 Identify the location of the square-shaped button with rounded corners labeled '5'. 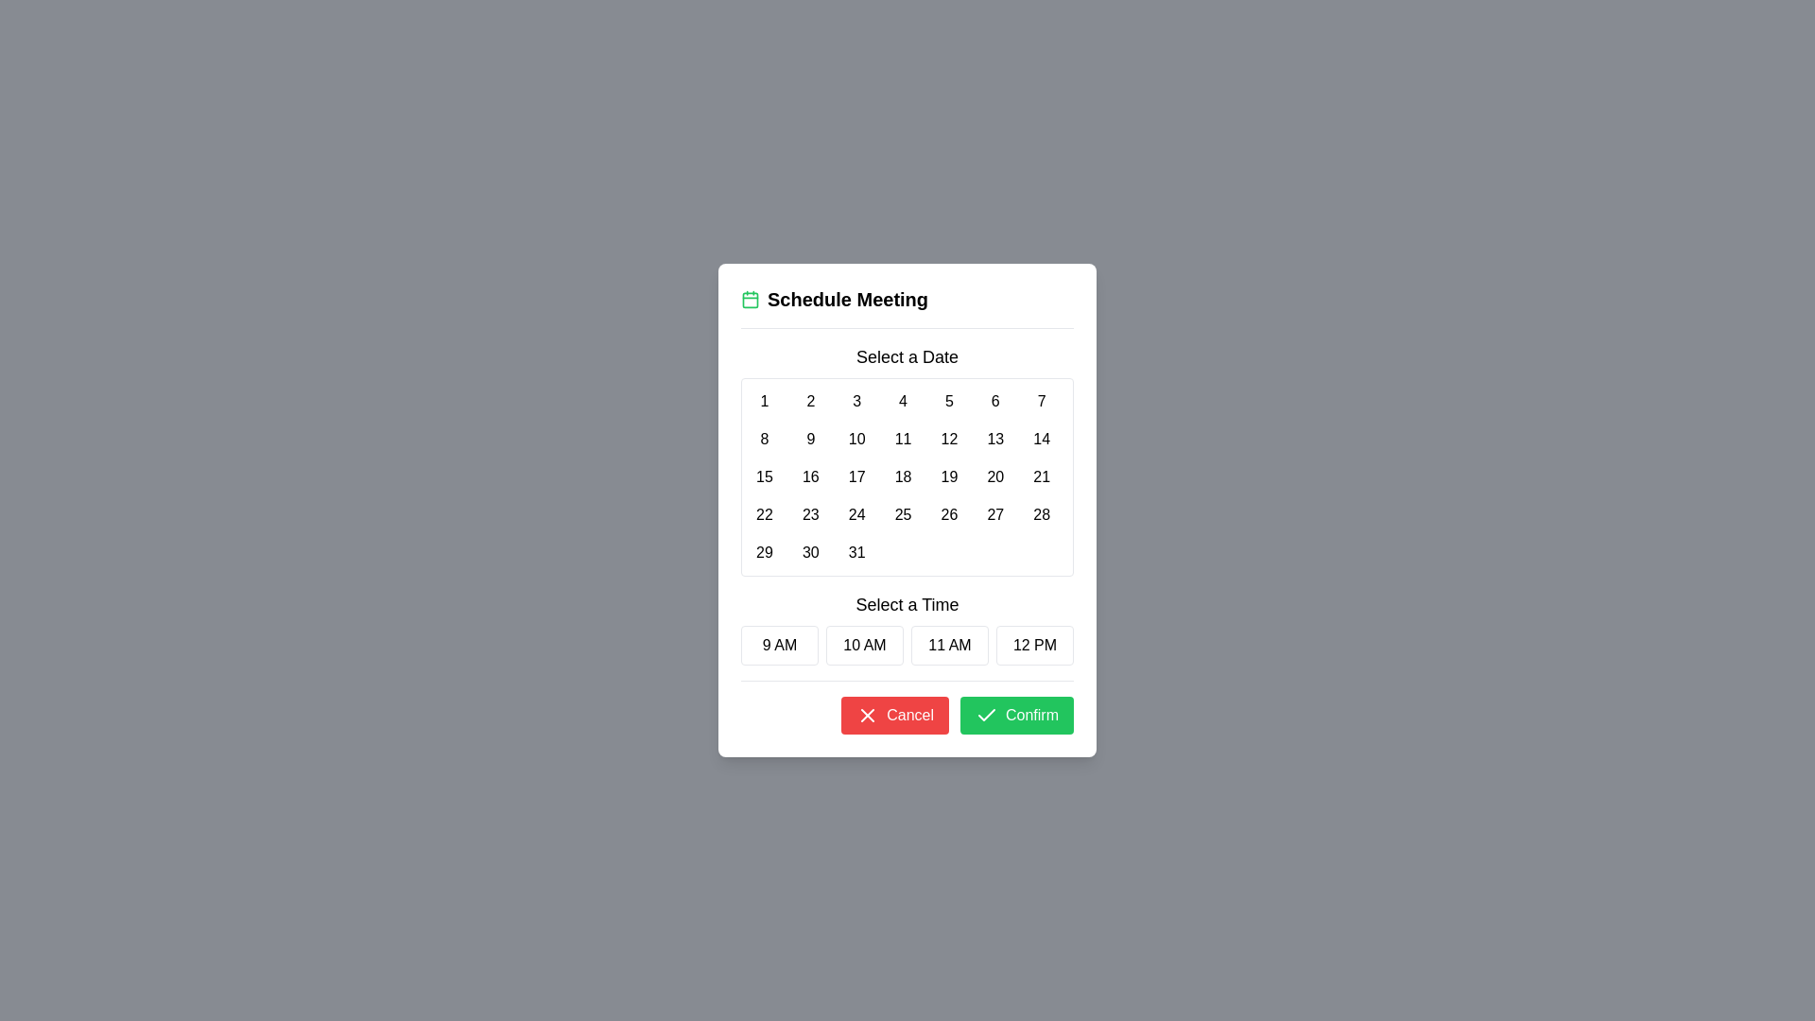
(949, 400).